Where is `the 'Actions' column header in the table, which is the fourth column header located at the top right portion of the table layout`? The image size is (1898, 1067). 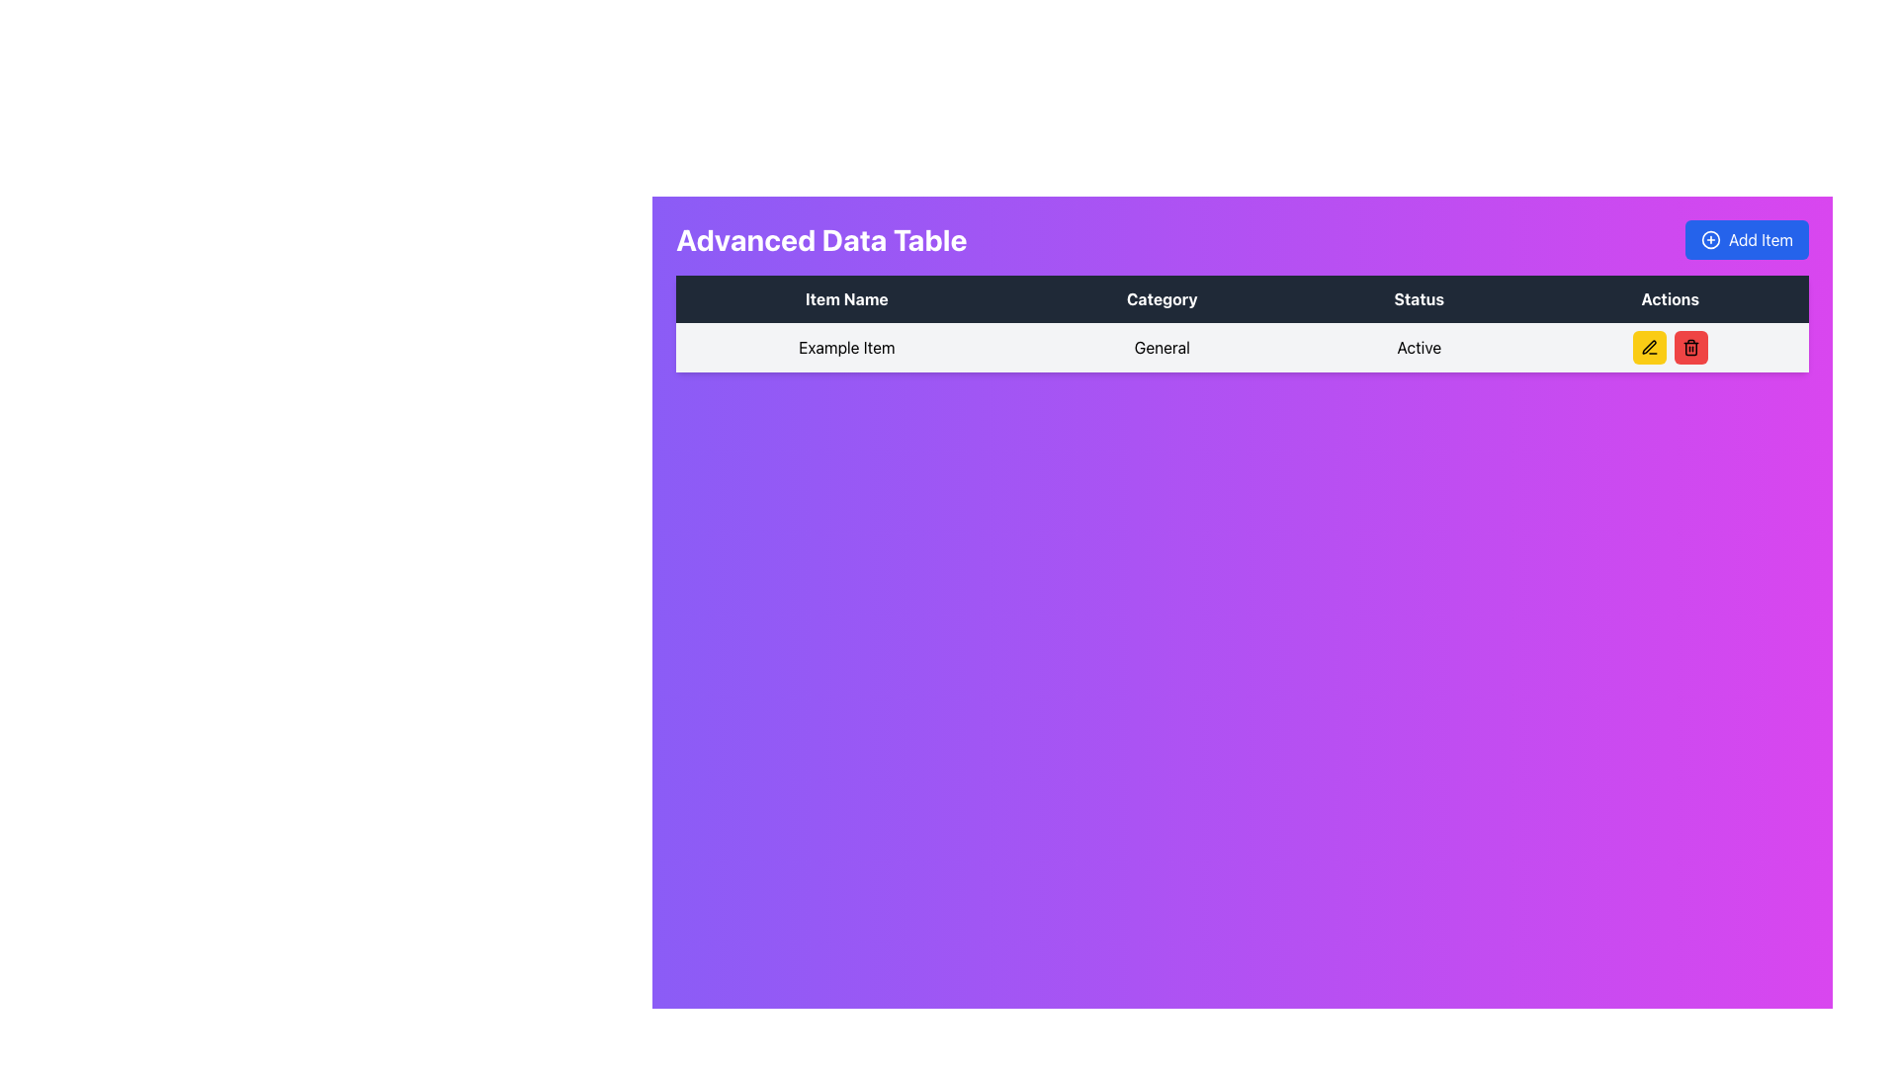 the 'Actions' column header in the table, which is the fourth column header located at the top right portion of the table layout is located at coordinates (1669, 299).